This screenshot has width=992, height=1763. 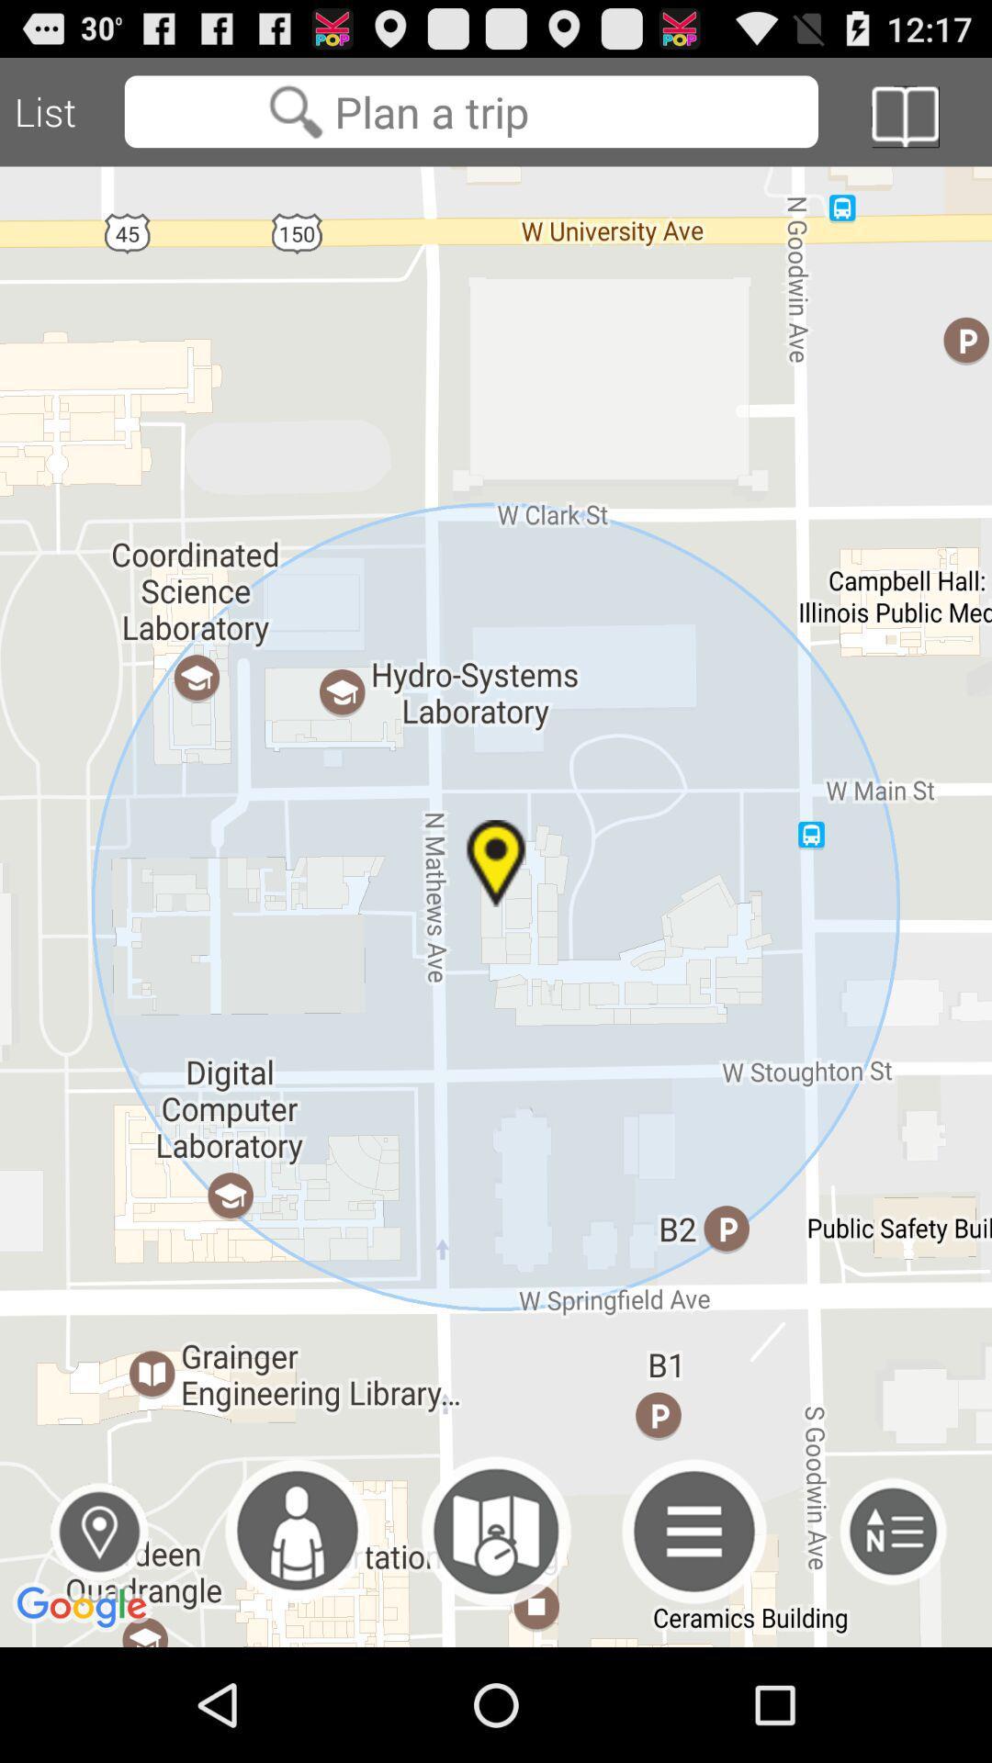 What do you see at coordinates (892, 1639) in the screenshot?
I see `the list icon` at bounding box center [892, 1639].